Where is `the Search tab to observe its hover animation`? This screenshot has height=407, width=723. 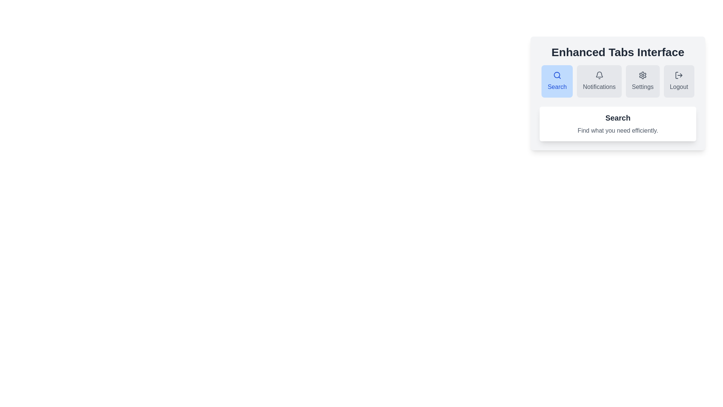 the Search tab to observe its hover animation is located at coordinates (557, 81).